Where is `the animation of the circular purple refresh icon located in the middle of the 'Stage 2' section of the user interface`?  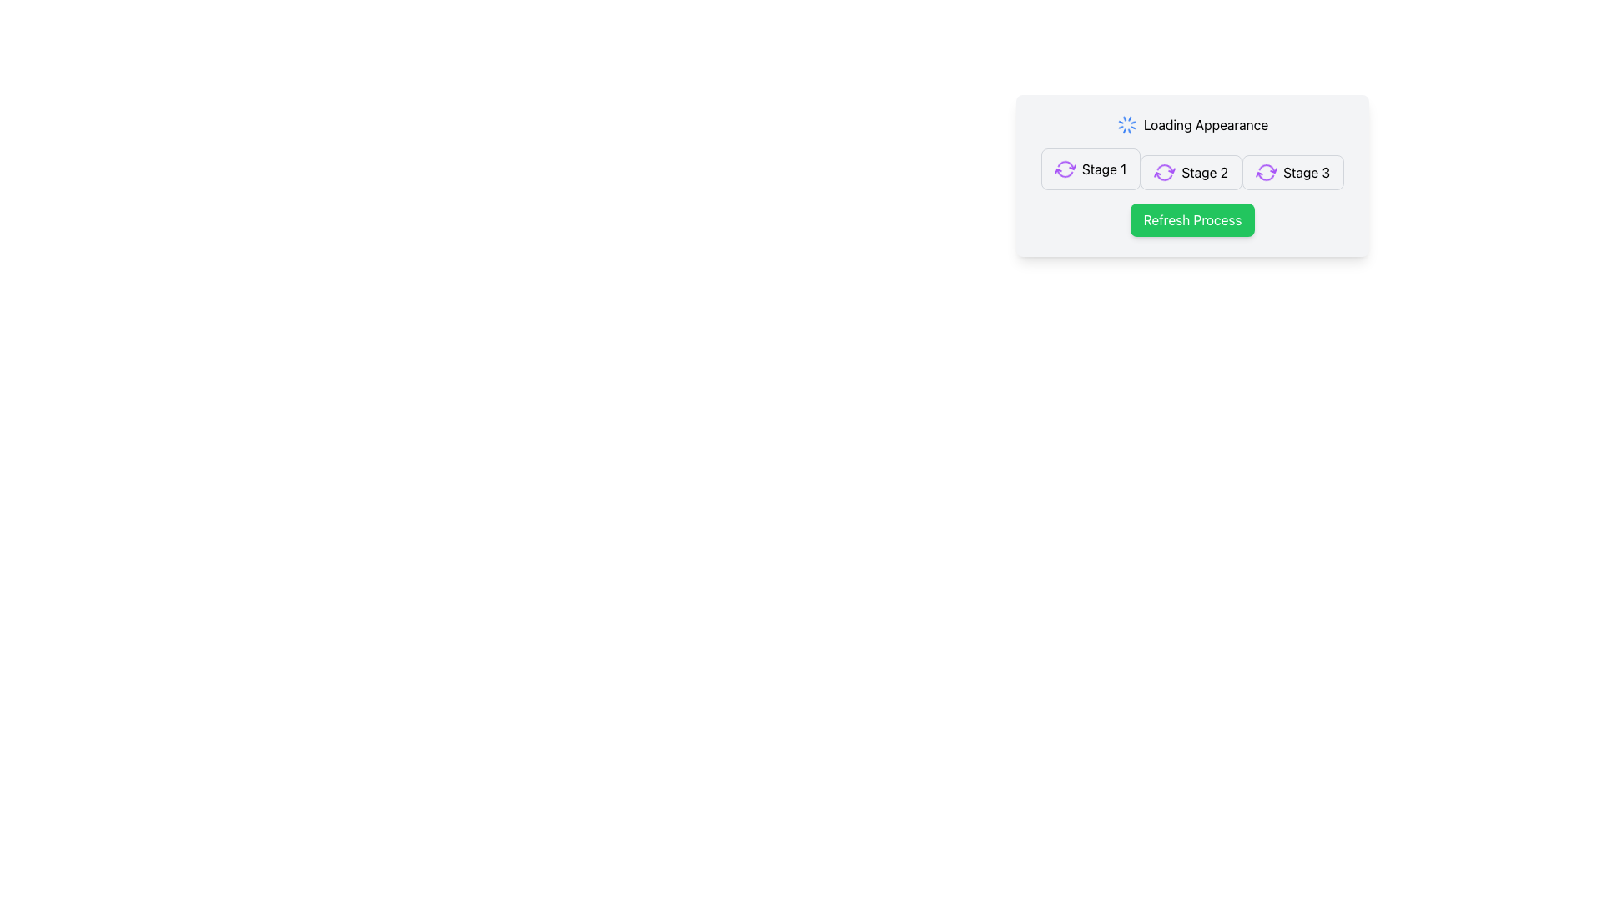 the animation of the circular purple refresh icon located in the middle of the 'Stage 2' section of the user interface is located at coordinates (1164, 173).